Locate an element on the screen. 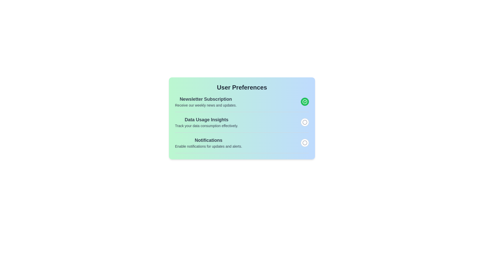 The width and height of the screenshot is (487, 274). the 'Newsletter Subscription' confirmation button located to the right of the subscription text is located at coordinates (304, 102).